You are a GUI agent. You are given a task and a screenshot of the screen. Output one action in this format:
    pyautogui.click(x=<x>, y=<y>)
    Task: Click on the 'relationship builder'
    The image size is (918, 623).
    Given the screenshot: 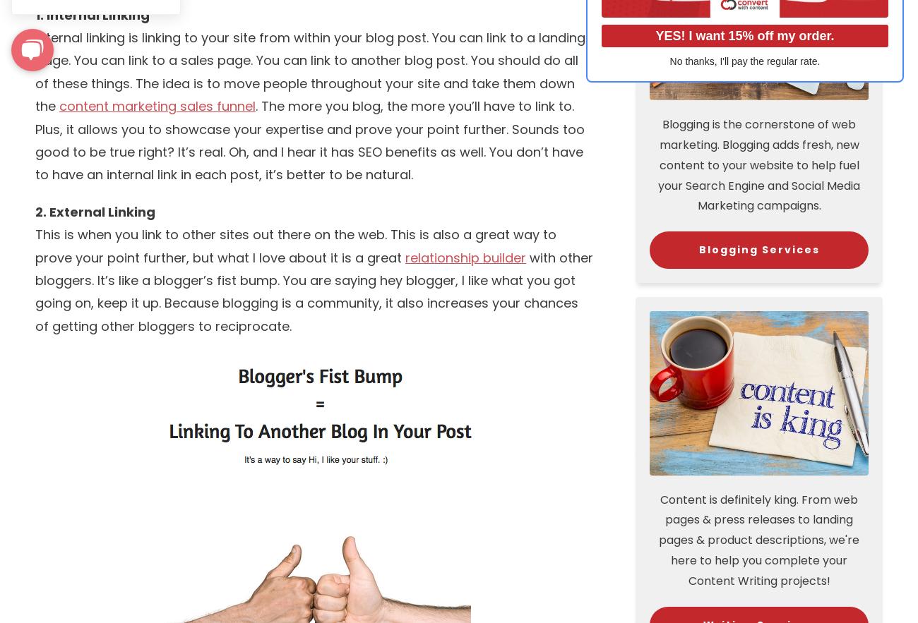 What is the action you would take?
    pyautogui.click(x=465, y=257)
    